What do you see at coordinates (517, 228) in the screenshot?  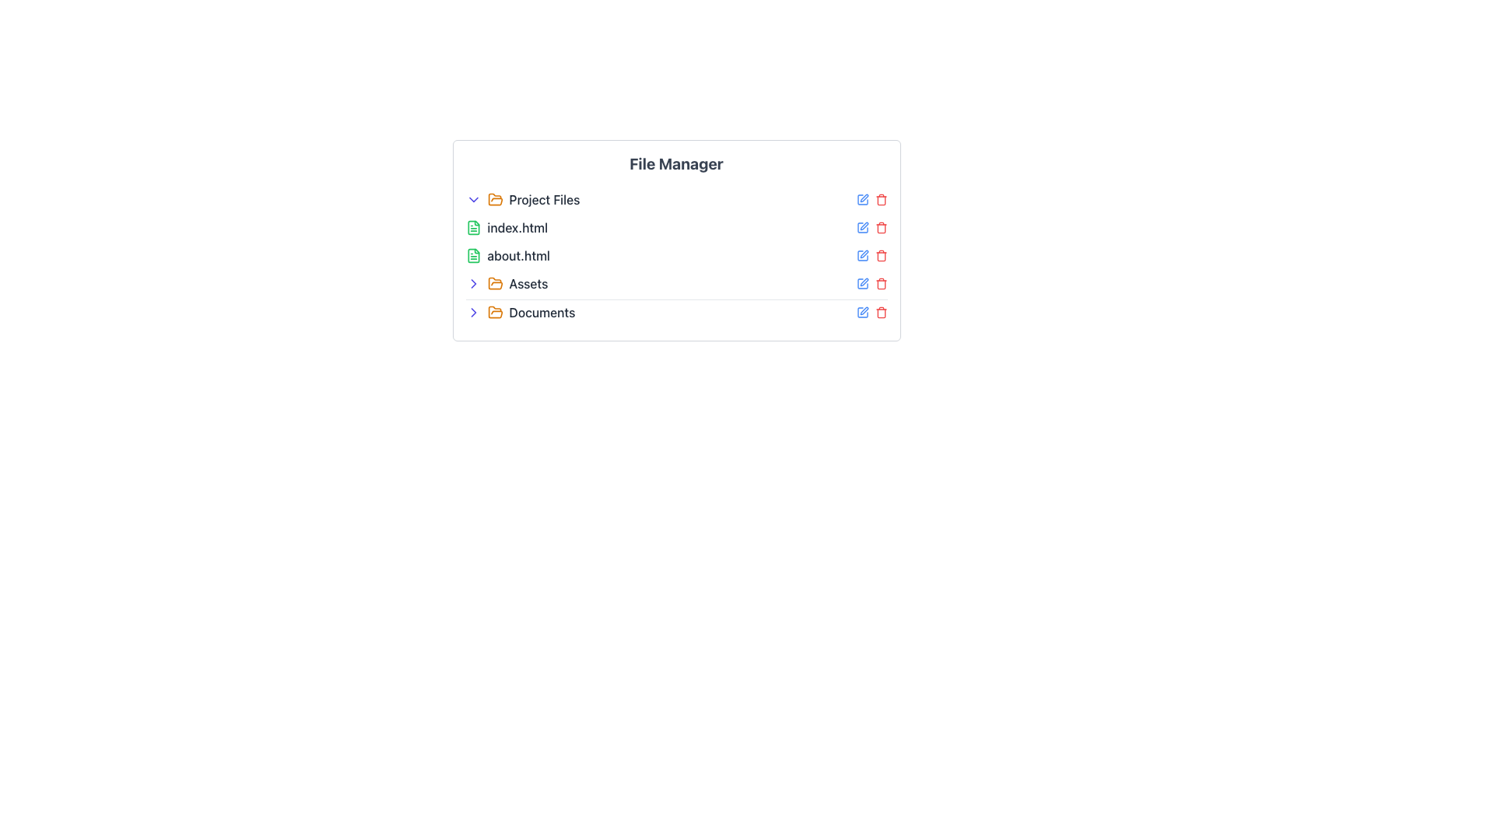 I see `the static text label displaying 'index.html', which is styled with a slightly bold font and dark gray color, located in the 'Project Files' section of the file manager interface` at bounding box center [517, 228].